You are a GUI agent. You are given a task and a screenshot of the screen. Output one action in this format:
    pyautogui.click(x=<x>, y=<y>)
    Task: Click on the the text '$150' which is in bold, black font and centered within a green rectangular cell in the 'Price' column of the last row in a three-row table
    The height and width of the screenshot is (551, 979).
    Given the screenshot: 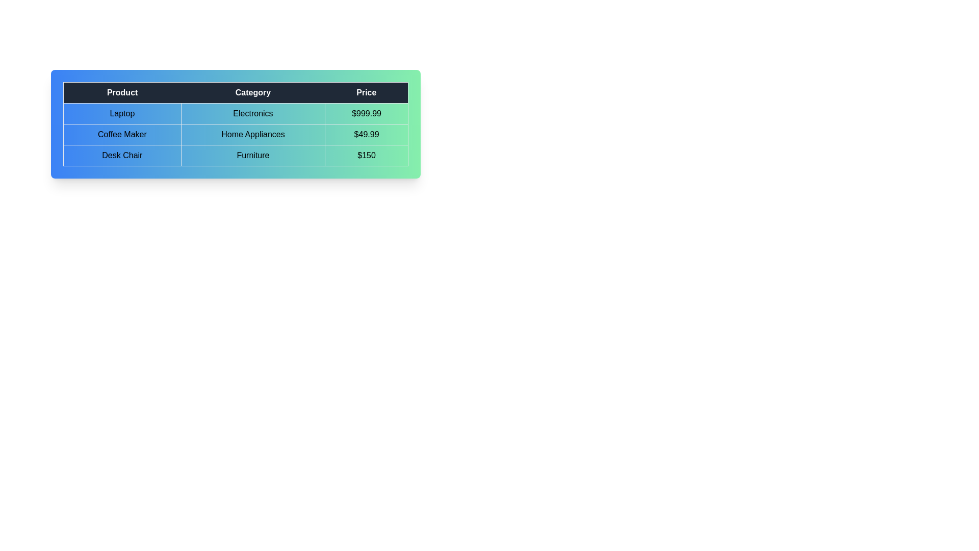 What is the action you would take?
    pyautogui.click(x=367, y=155)
    